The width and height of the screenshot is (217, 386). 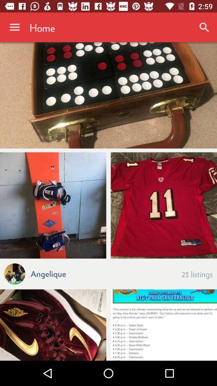 What do you see at coordinates (197, 273) in the screenshot?
I see `the 23 listings item` at bounding box center [197, 273].